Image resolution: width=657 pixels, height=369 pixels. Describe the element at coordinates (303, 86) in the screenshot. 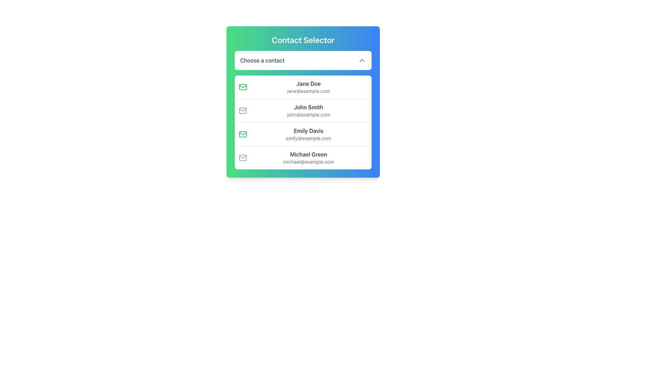

I see `the selectable contact entry for 'Jane Doe' in the contact list` at that location.